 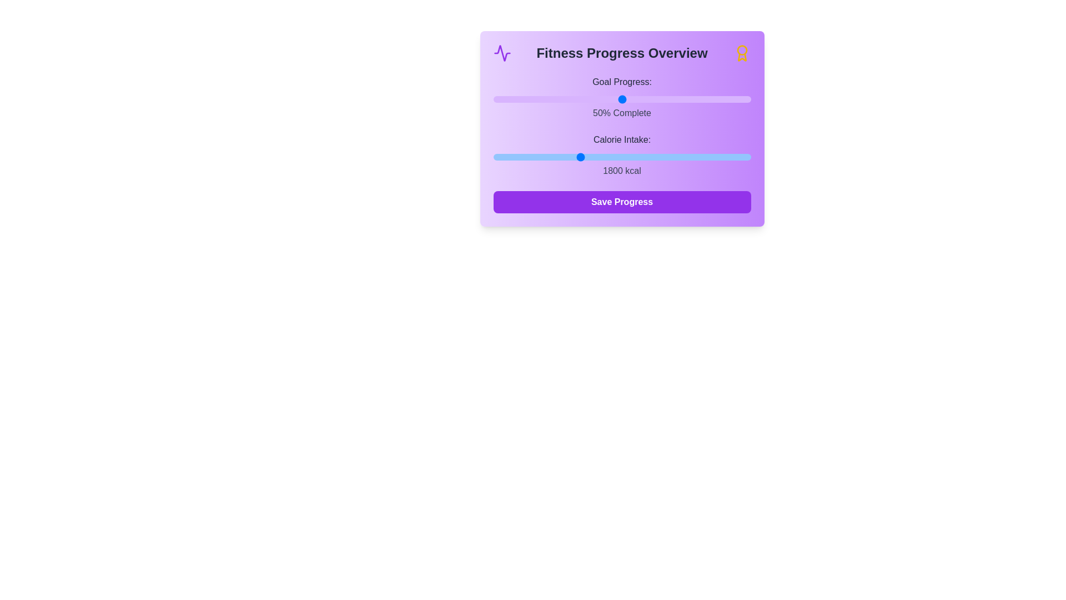 What do you see at coordinates (622, 81) in the screenshot?
I see `the 'Goal Progress:' label, which is styled with a bold medium-sized font and located in a purple gradient background, directly below the title 'Fitness Progress Overview'` at bounding box center [622, 81].